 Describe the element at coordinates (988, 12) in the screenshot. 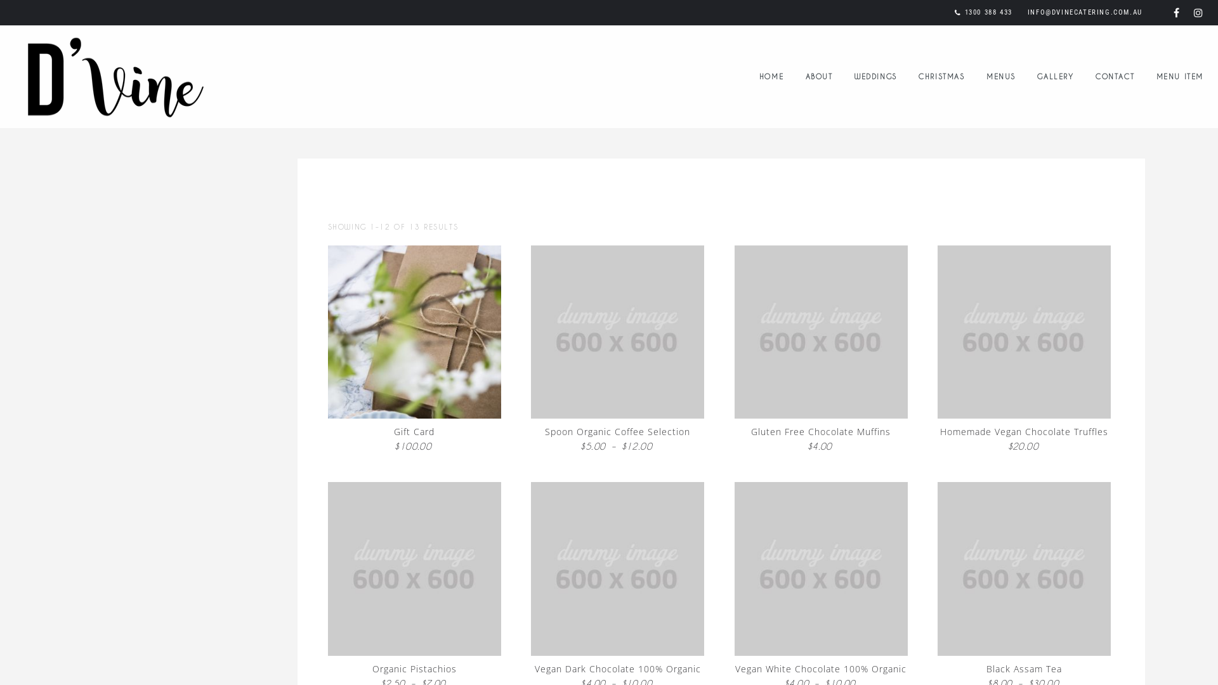

I see `'1300 388 433'` at that location.